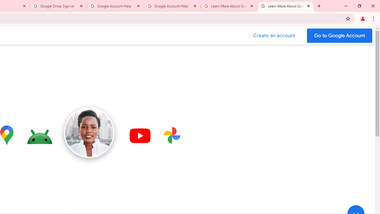  I want to click on 'Create a Google Account', so click(274, 35).